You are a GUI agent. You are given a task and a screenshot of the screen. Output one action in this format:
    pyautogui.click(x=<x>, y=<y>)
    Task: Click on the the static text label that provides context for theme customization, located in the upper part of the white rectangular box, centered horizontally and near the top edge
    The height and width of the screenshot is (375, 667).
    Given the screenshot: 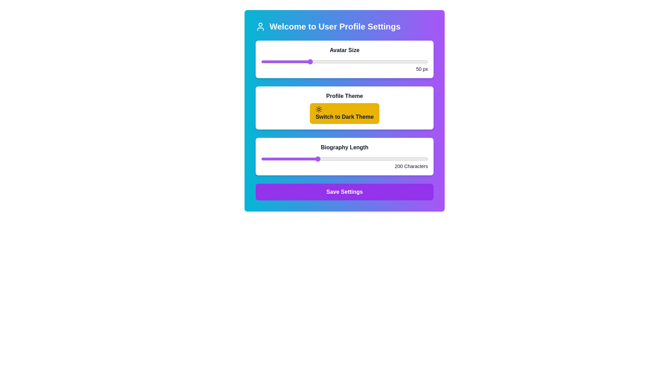 What is the action you would take?
    pyautogui.click(x=345, y=96)
    